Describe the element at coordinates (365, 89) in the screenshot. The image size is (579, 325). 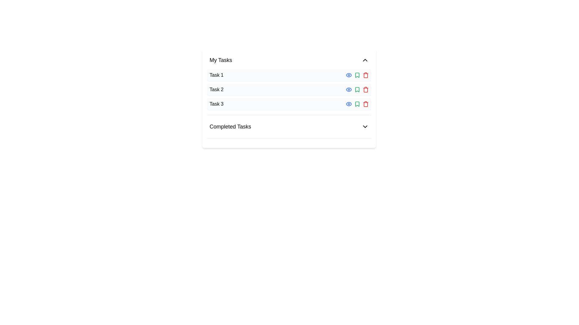
I see `the delete button on the right side of the second task in the 'My Tasks' list` at that location.